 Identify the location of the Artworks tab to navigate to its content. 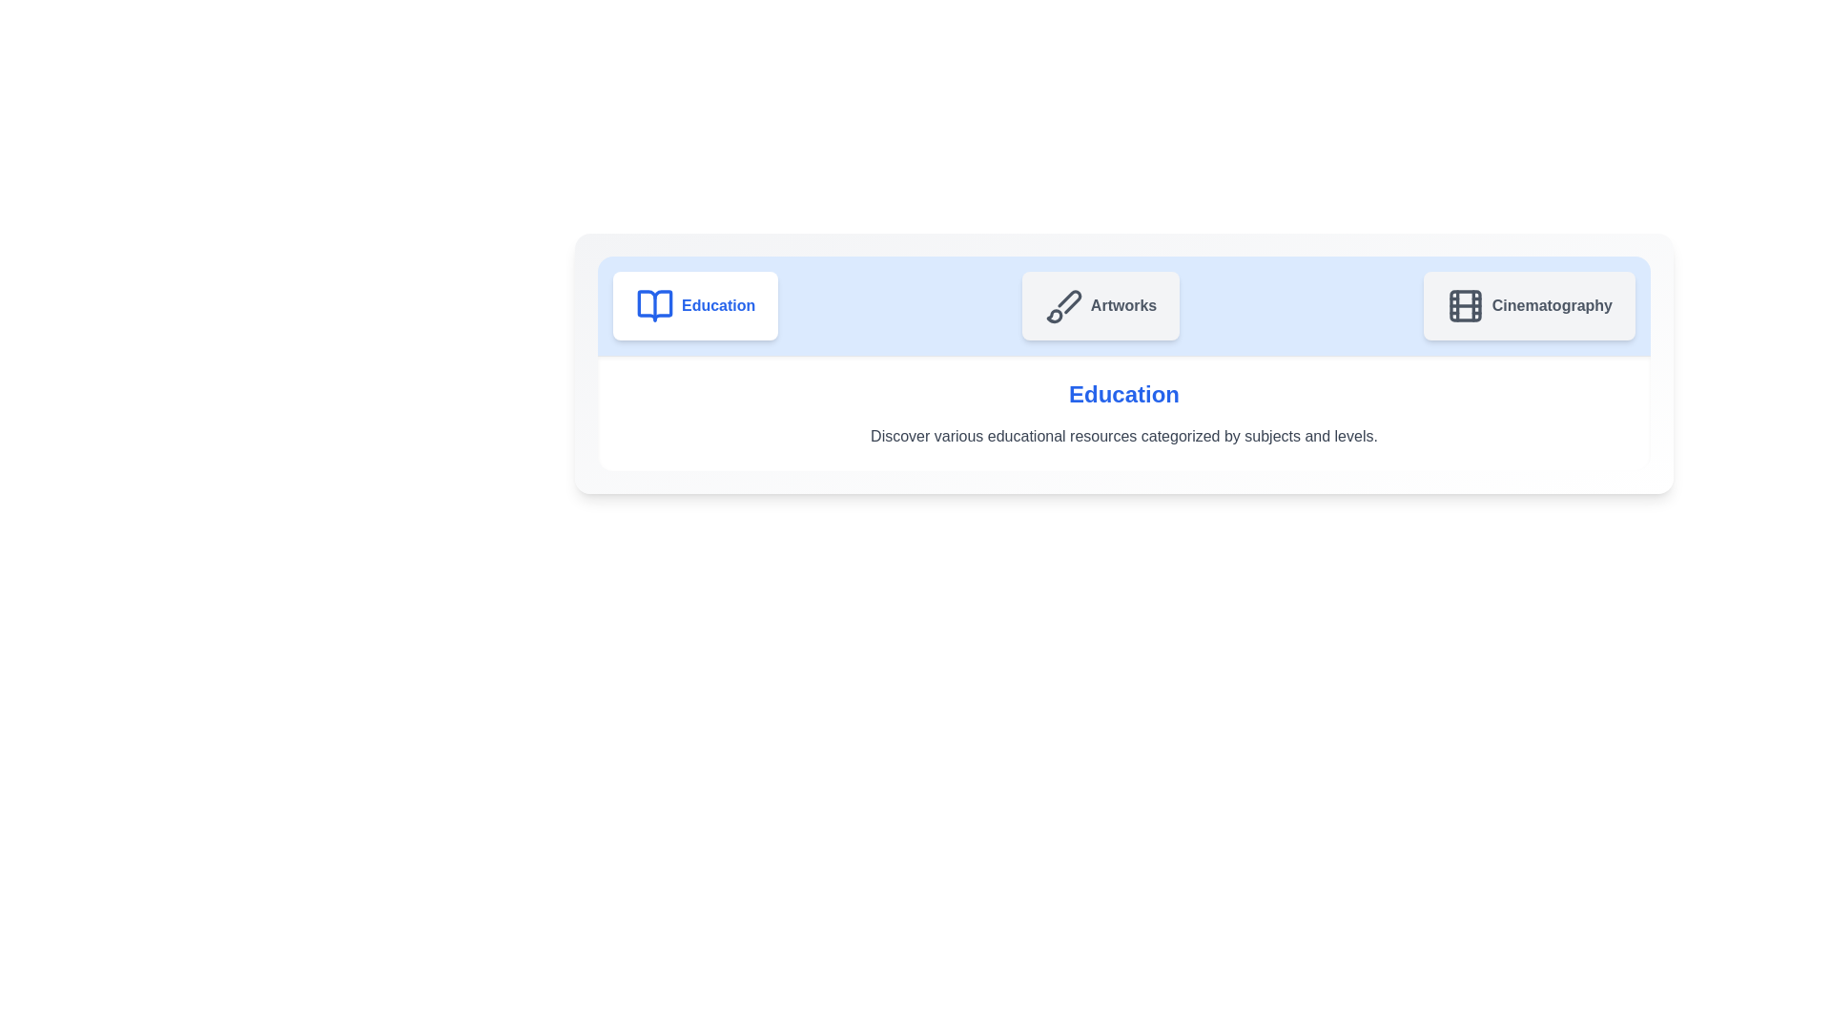
(1101, 304).